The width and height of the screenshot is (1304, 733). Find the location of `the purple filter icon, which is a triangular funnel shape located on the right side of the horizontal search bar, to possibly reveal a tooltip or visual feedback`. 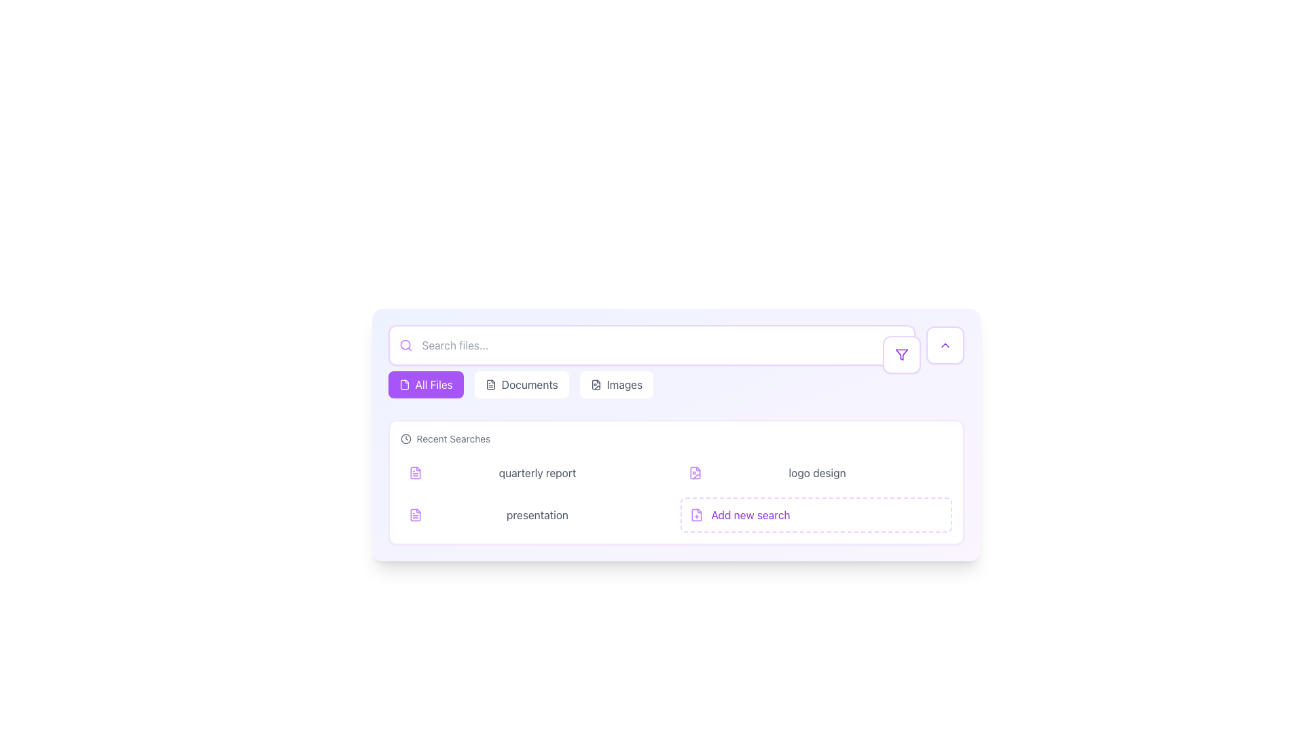

the purple filter icon, which is a triangular funnel shape located on the right side of the horizontal search bar, to possibly reveal a tooltip or visual feedback is located at coordinates (901, 354).